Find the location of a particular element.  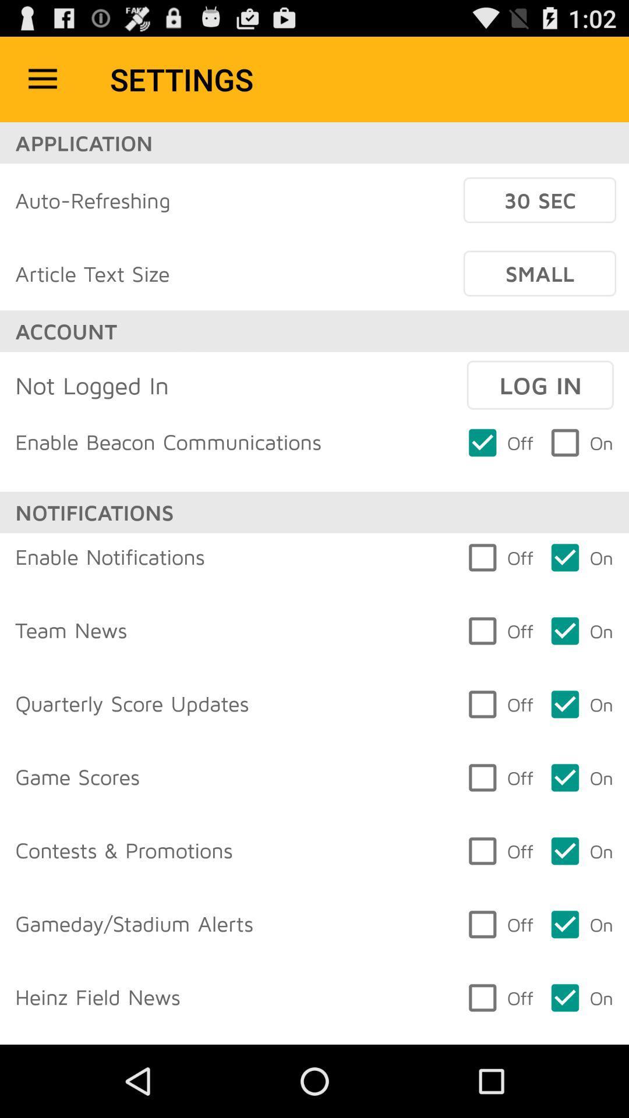

icon above the application is located at coordinates (42, 79).